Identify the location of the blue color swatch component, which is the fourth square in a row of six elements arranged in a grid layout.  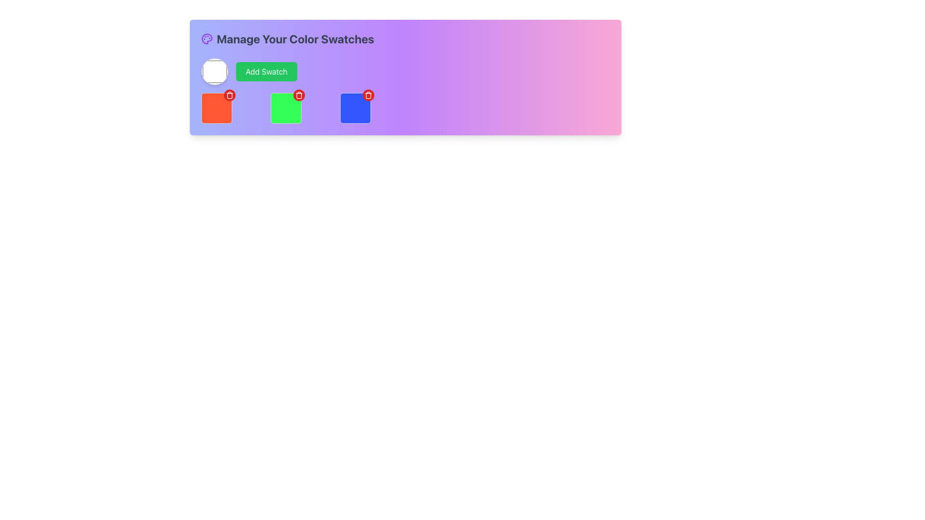
(355, 108).